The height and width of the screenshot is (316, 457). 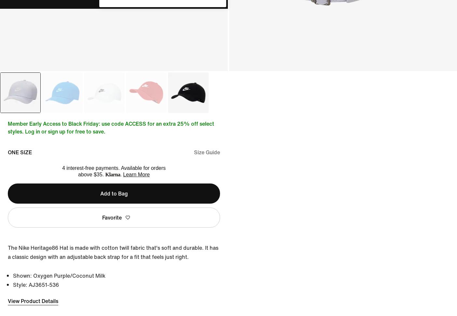 What do you see at coordinates (104, 84) in the screenshot?
I see `'Morocco'` at bounding box center [104, 84].